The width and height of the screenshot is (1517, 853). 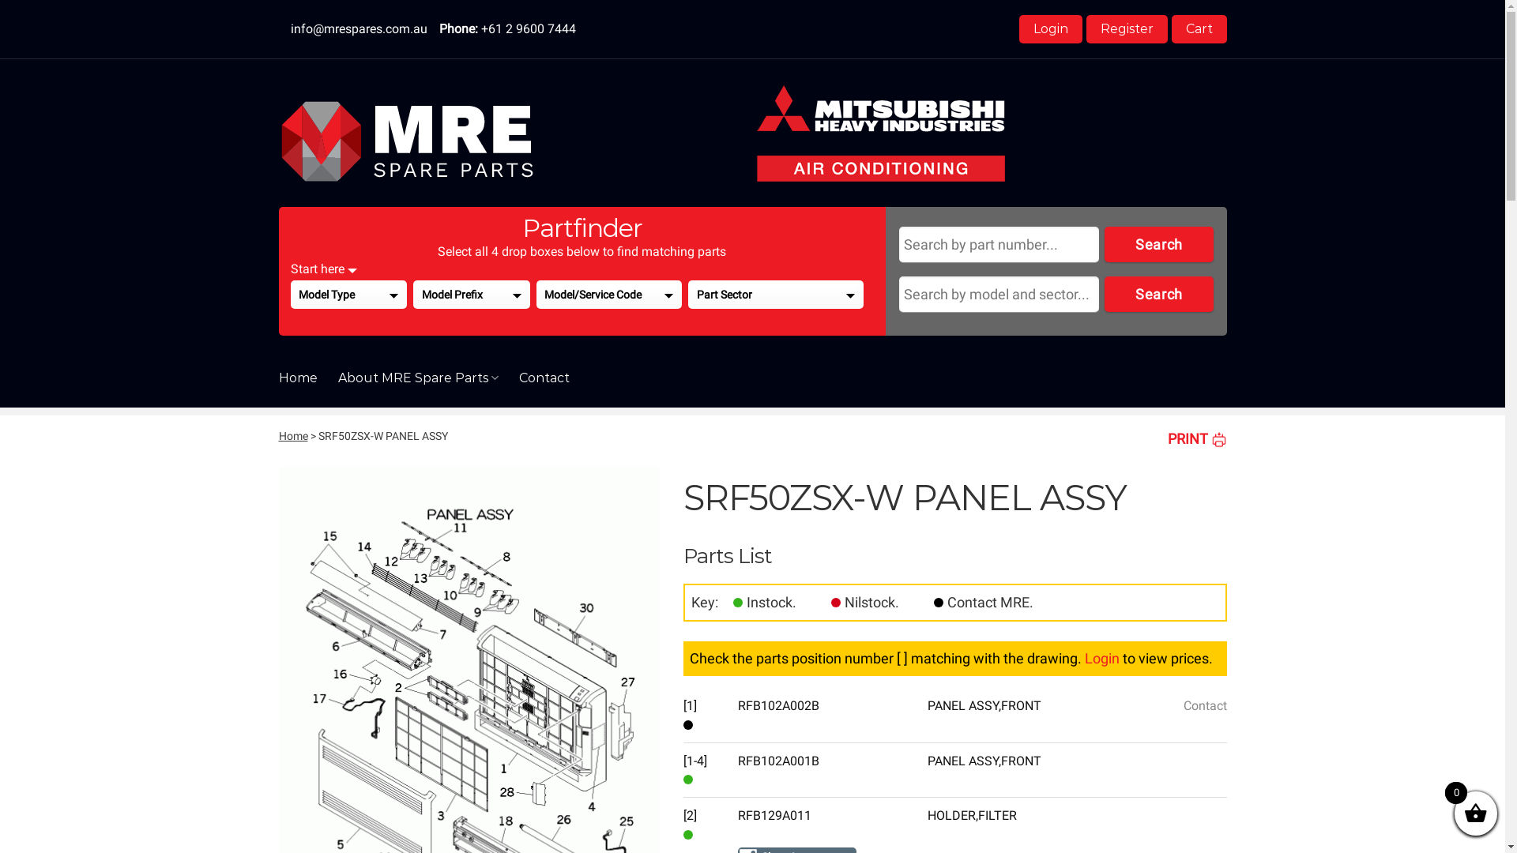 What do you see at coordinates (1197, 438) in the screenshot?
I see `'PRINT'` at bounding box center [1197, 438].